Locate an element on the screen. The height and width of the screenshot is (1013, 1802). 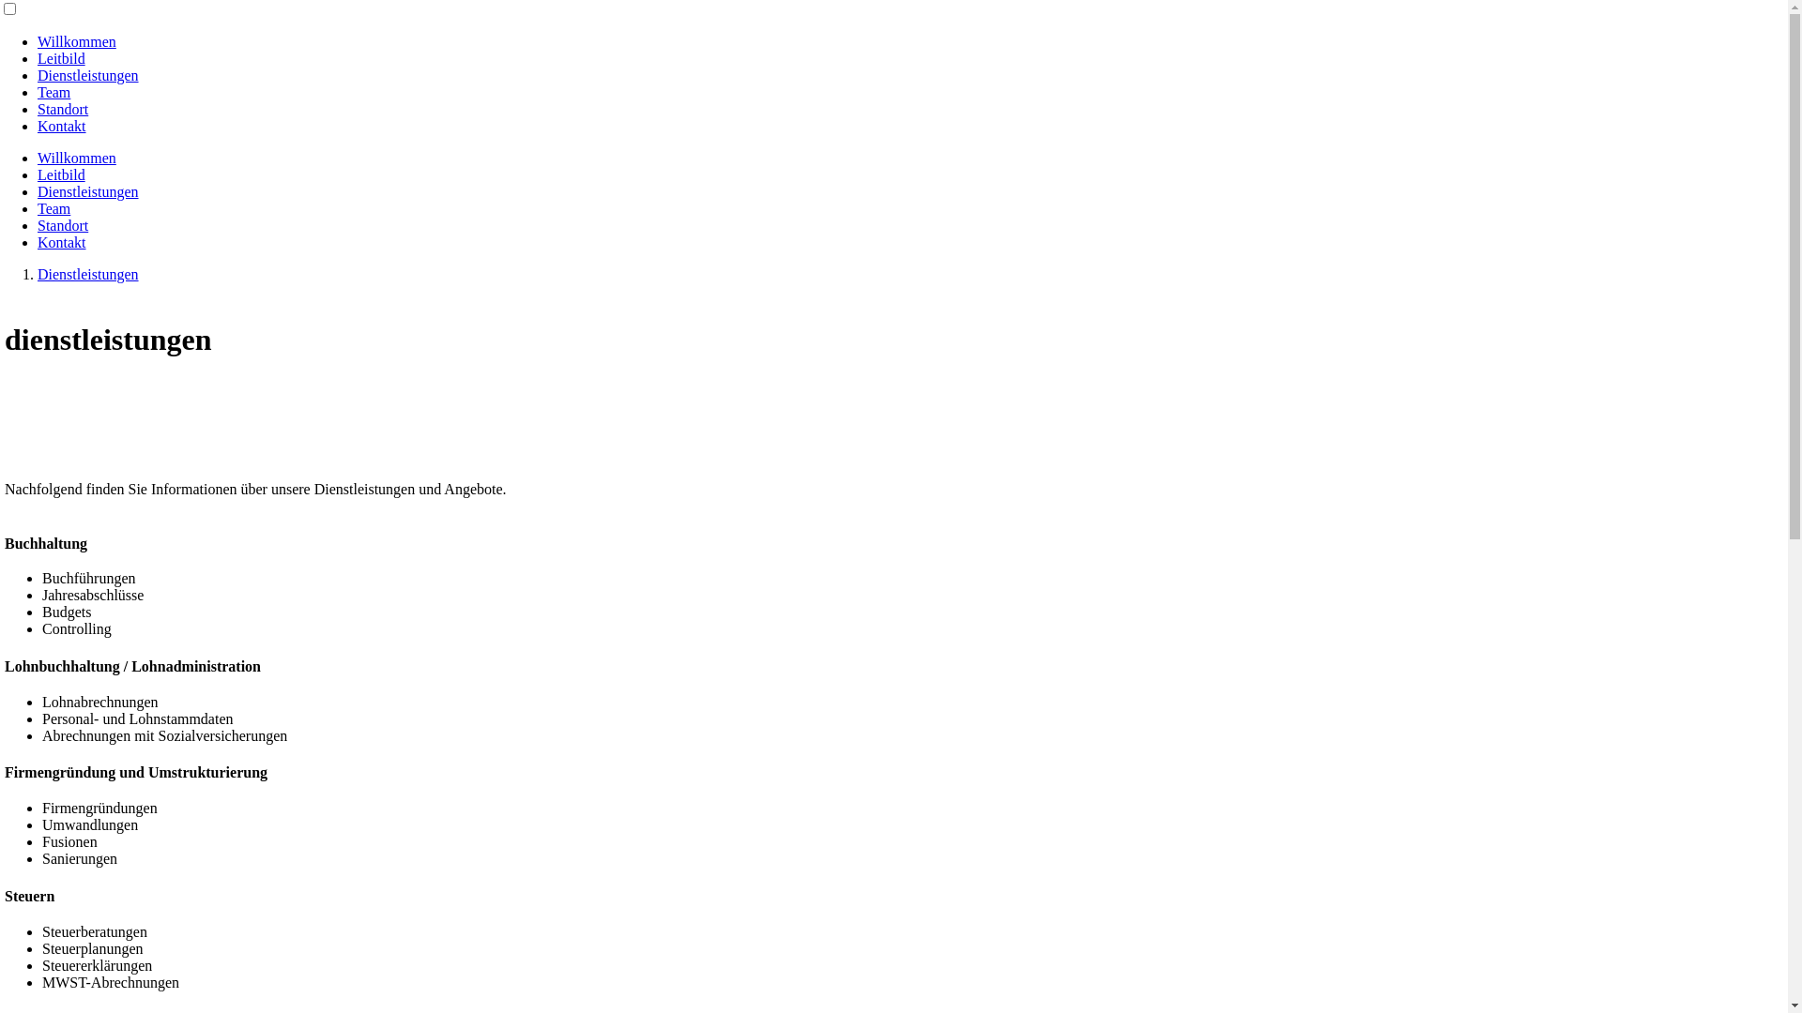
'Dienstleistungen' is located at coordinates (37, 274).